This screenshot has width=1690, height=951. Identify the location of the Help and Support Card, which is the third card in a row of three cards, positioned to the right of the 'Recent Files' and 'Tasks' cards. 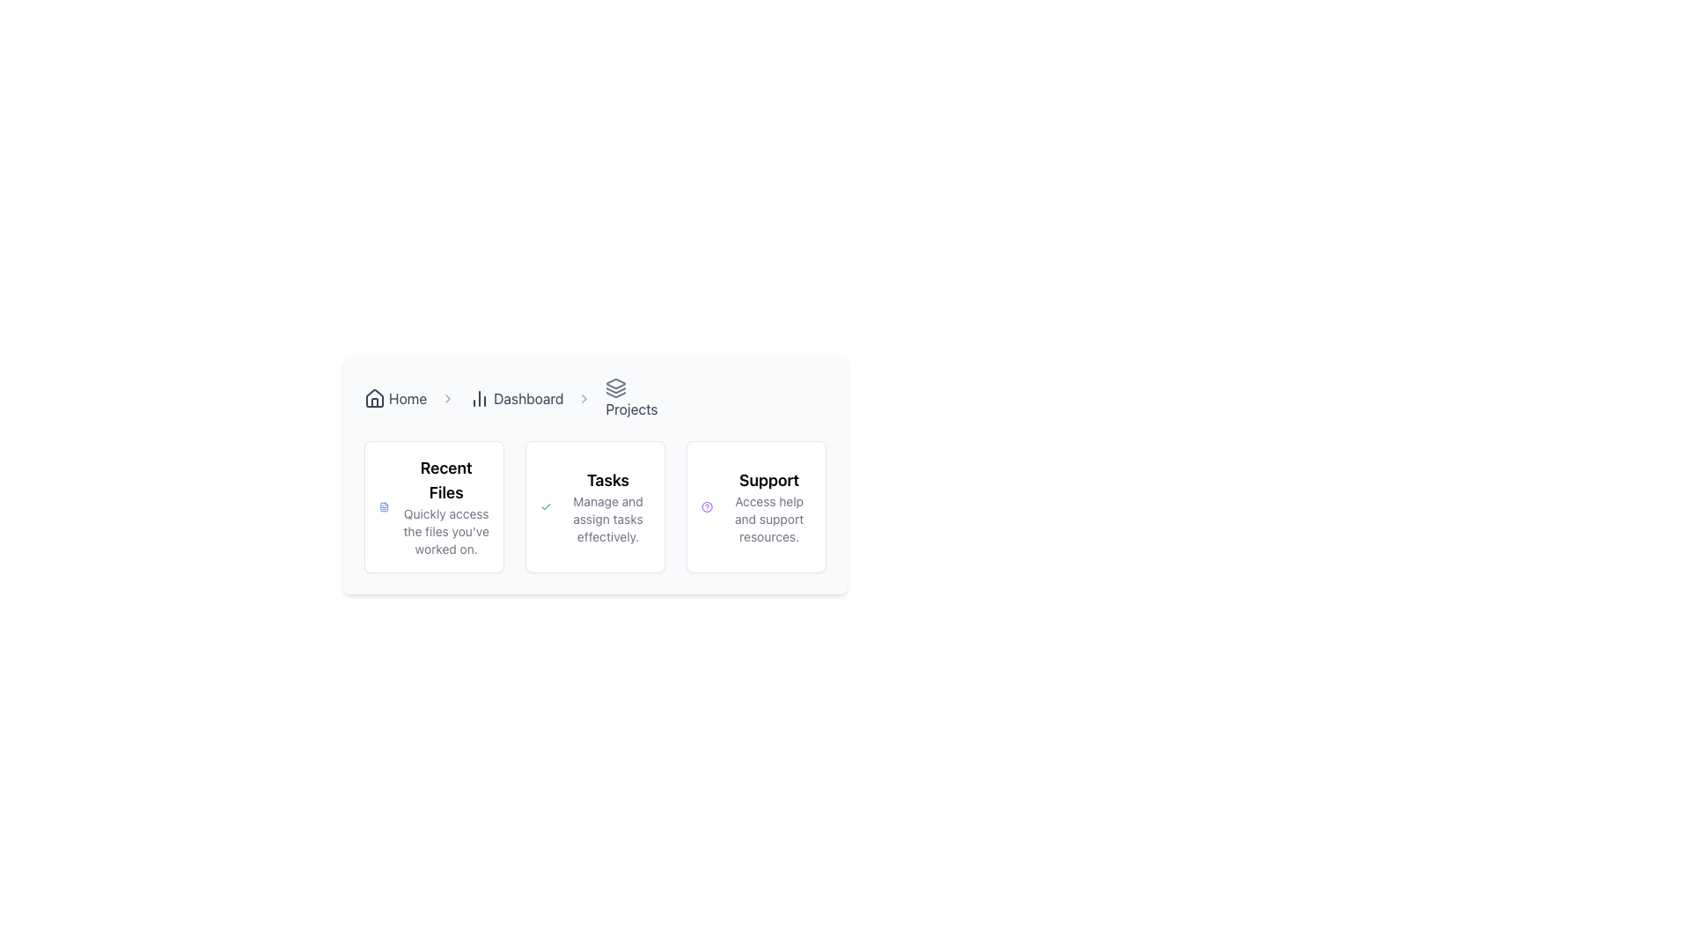
(756, 506).